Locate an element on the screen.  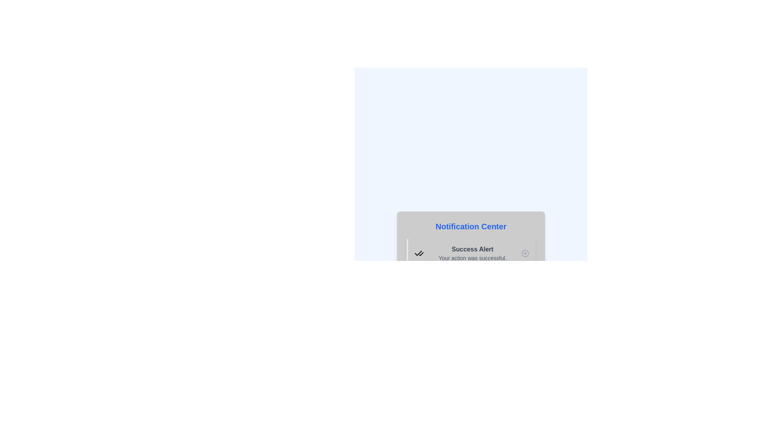
the close button with an 'X' mark in the top-right corner of the success alert is located at coordinates (525, 253).